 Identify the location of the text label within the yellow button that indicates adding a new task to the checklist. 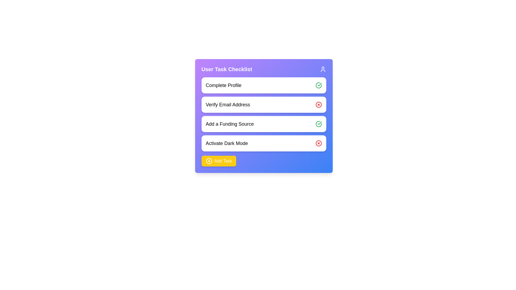
(223, 161).